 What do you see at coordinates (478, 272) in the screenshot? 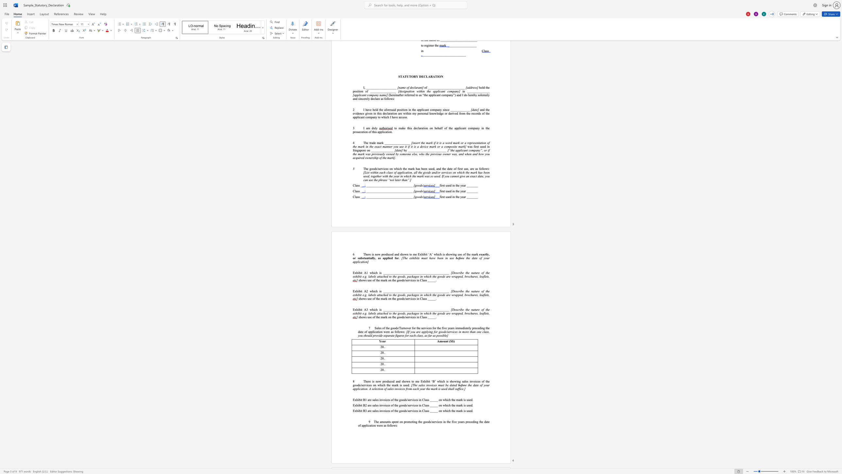
I see `the space between the continuous character "r" and "e" in the text` at bounding box center [478, 272].